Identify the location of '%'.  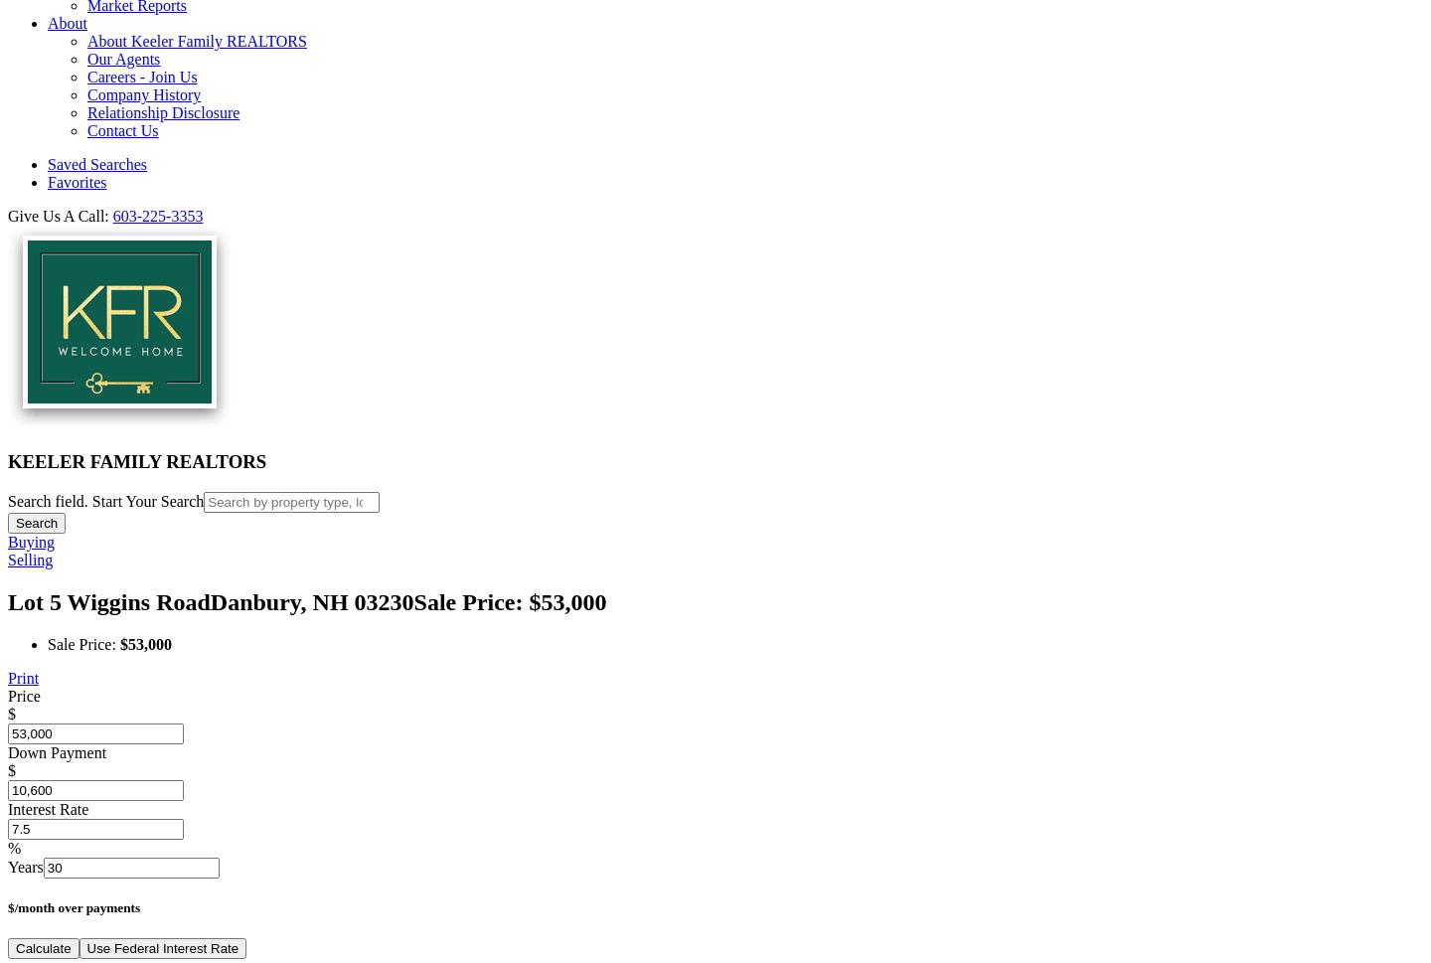
(13, 846).